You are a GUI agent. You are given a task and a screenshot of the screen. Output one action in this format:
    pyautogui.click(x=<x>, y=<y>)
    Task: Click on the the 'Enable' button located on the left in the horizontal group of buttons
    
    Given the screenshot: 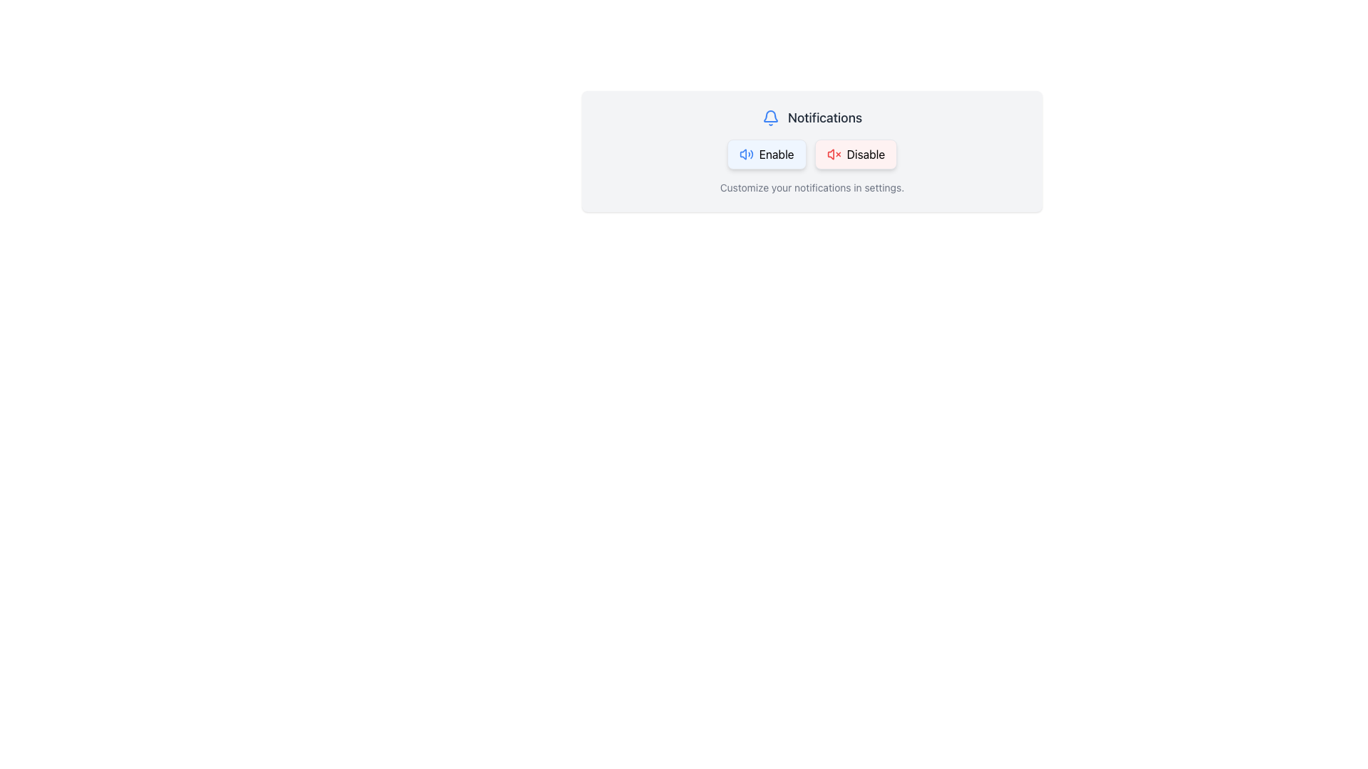 What is the action you would take?
    pyautogui.click(x=765, y=154)
    